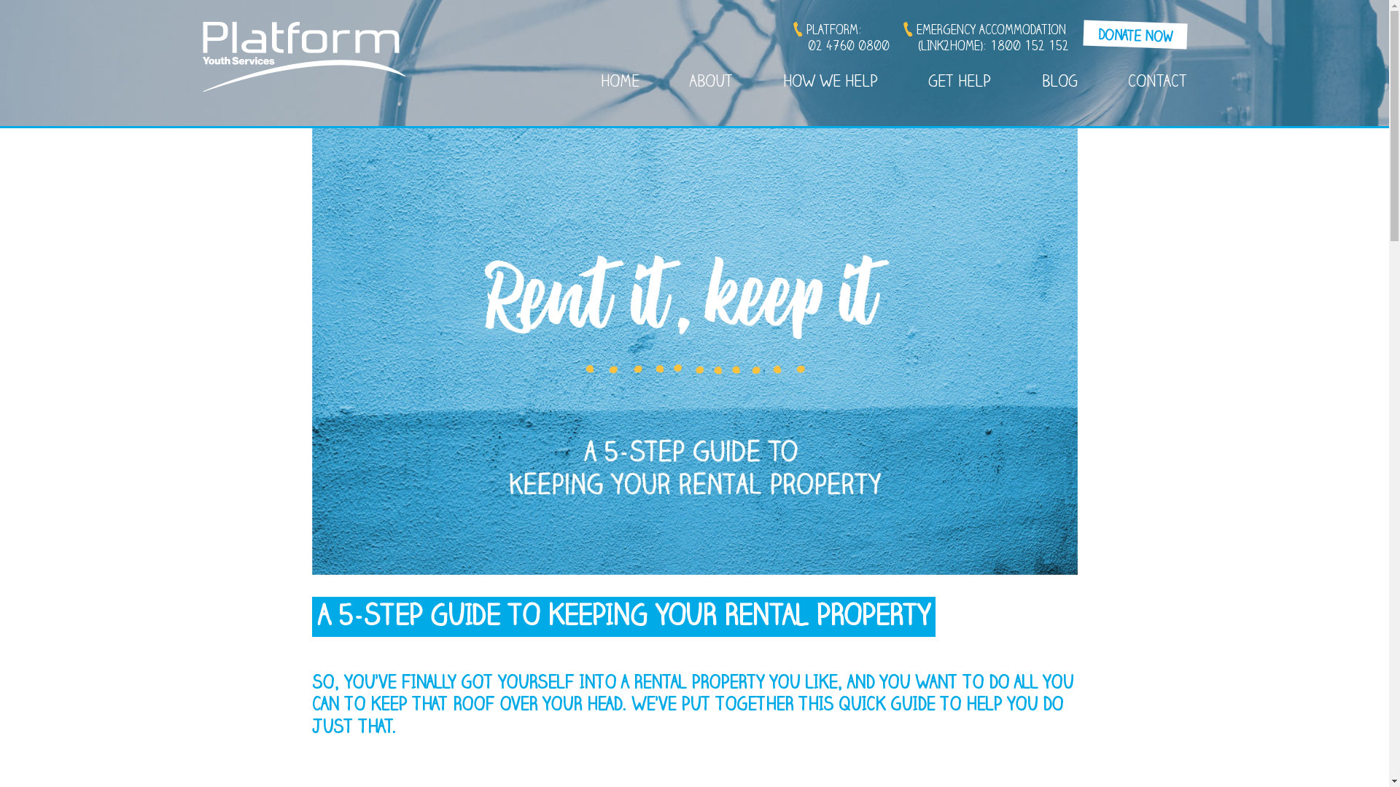  What do you see at coordinates (1127, 84) in the screenshot?
I see `'CONTACT'` at bounding box center [1127, 84].